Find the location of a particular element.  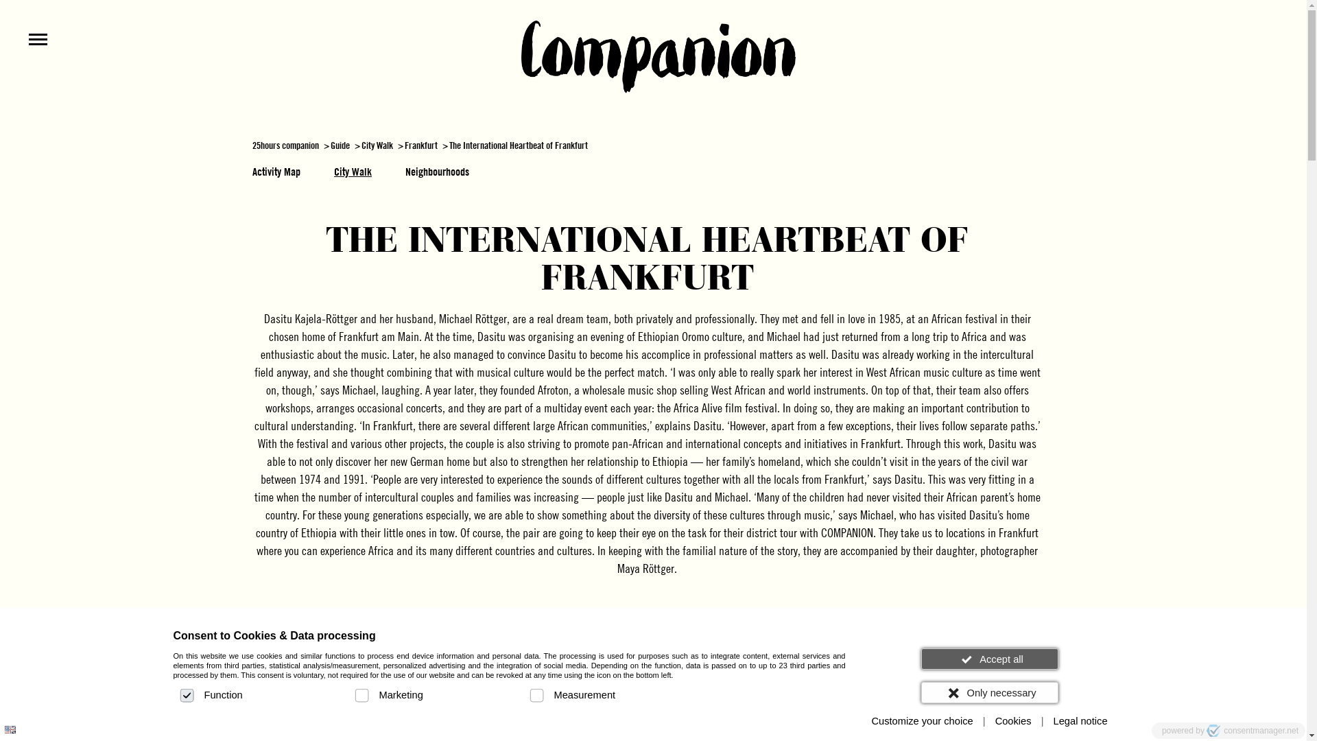

'Cookies' is located at coordinates (1013, 720).